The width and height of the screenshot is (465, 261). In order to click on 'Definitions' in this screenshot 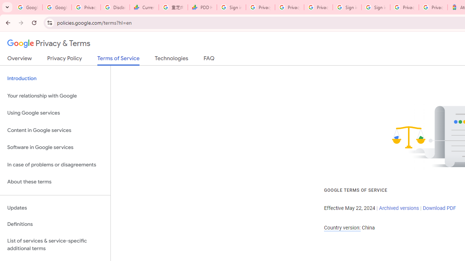, I will do `click(55, 224)`.